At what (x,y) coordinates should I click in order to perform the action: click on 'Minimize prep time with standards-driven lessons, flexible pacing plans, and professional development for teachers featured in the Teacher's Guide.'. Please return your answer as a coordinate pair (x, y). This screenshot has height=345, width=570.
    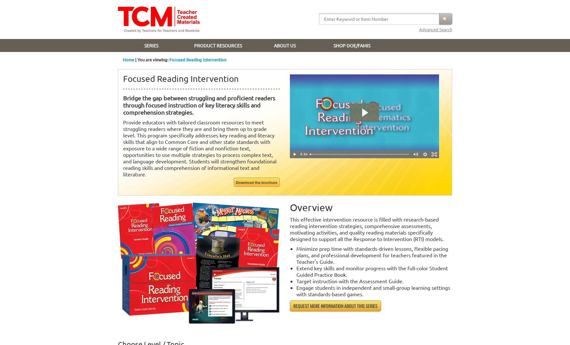
    Looking at the image, I should click on (372, 255).